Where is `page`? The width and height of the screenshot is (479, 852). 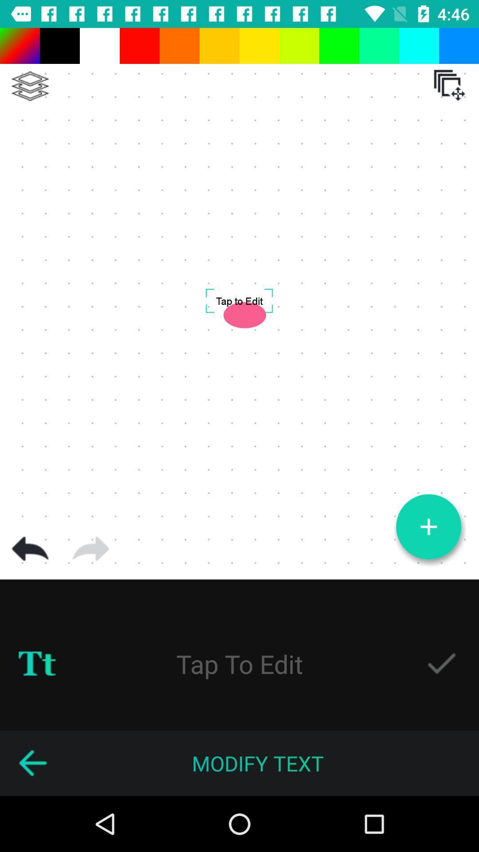 page is located at coordinates (428, 527).